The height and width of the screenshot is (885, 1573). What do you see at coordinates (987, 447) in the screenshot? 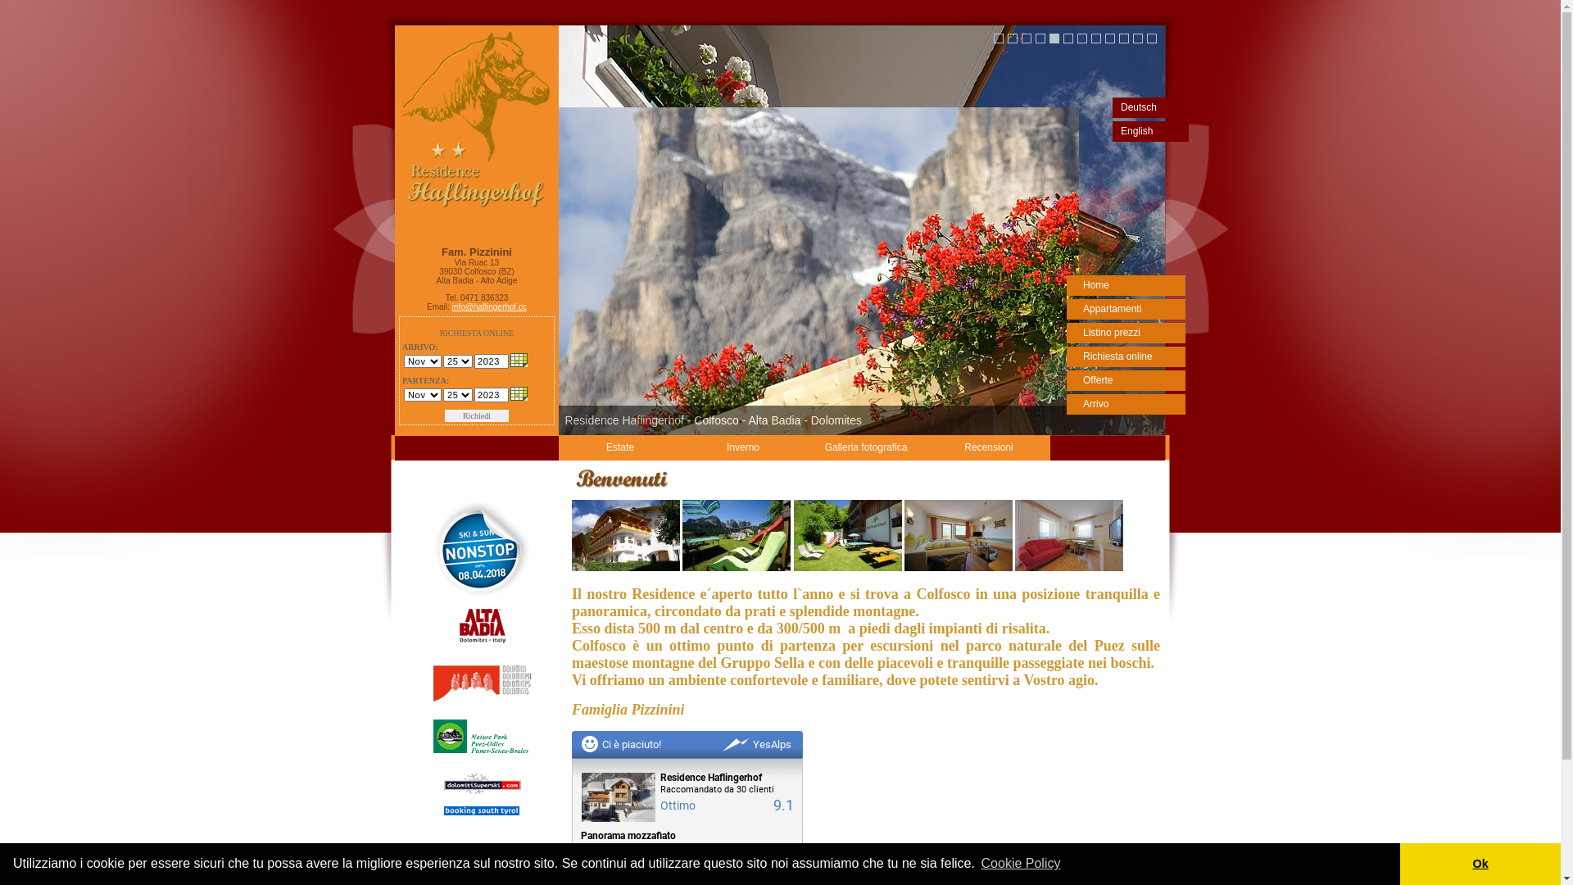
I see `'Recensioni'` at bounding box center [987, 447].